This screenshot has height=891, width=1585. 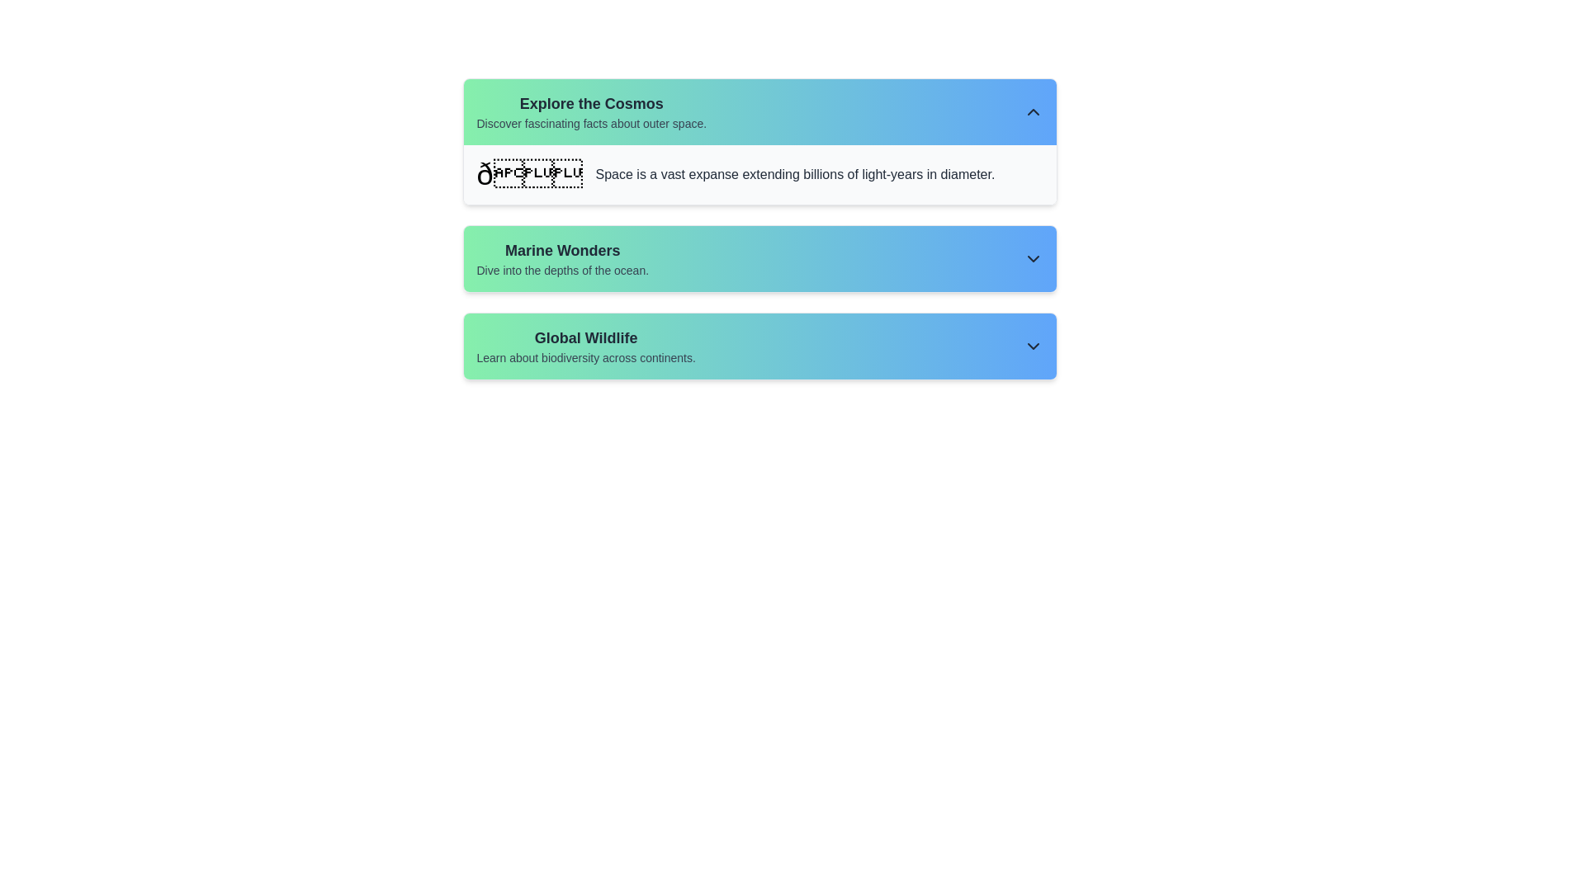 I want to click on the Text Label that provides a descriptive subtitle or caption related to the 'Marine Wonders' section, positioned directly below the bold title 'Marine Wonders.', so click(x=562, y=269).